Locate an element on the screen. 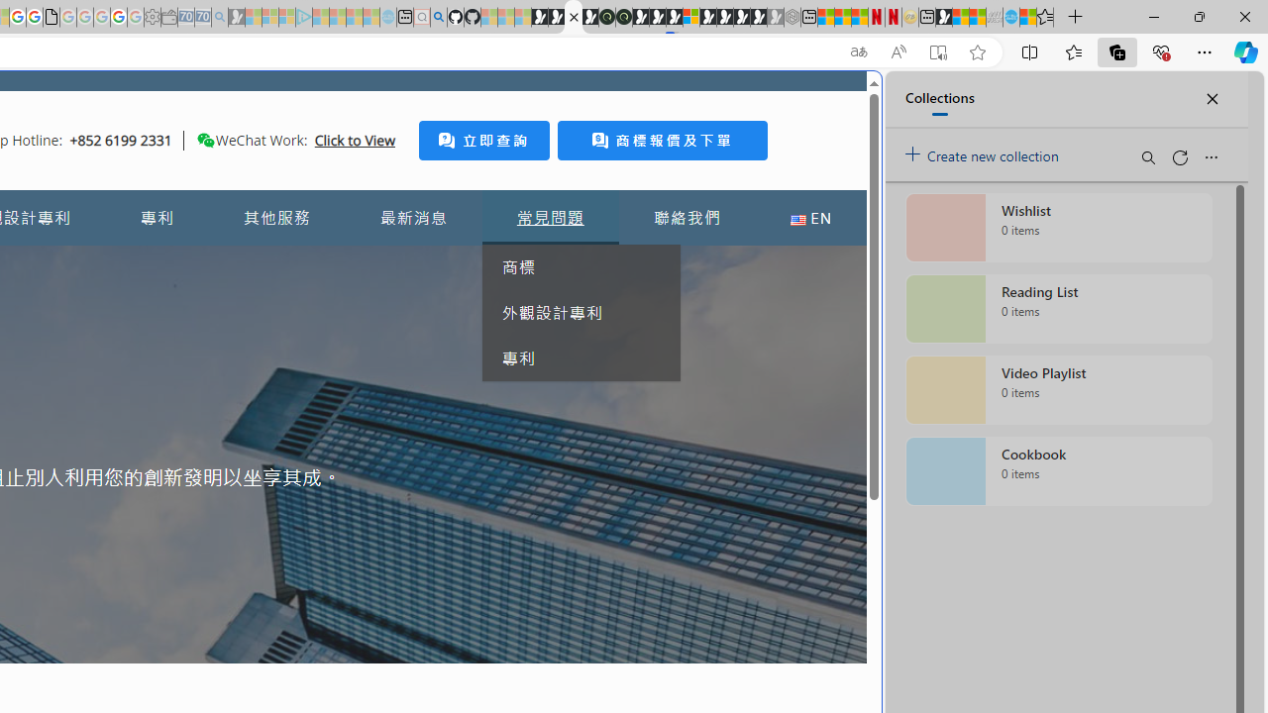 Image resolution: width=1268 pixels, height=713 pixels. 'Future Focus Report 2024' is located at coordinates (622, 17).